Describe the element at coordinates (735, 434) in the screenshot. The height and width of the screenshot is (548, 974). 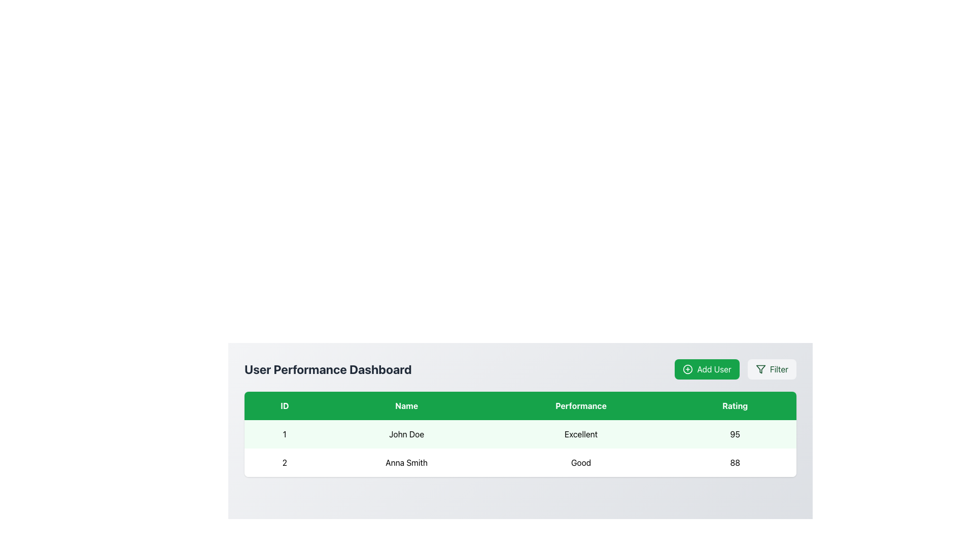
I see `the Table Cell in the first row, fourth column under the 'Rating' header, which indicates the performance rating for the respective user, aligning with 'John Doe'` at that location.